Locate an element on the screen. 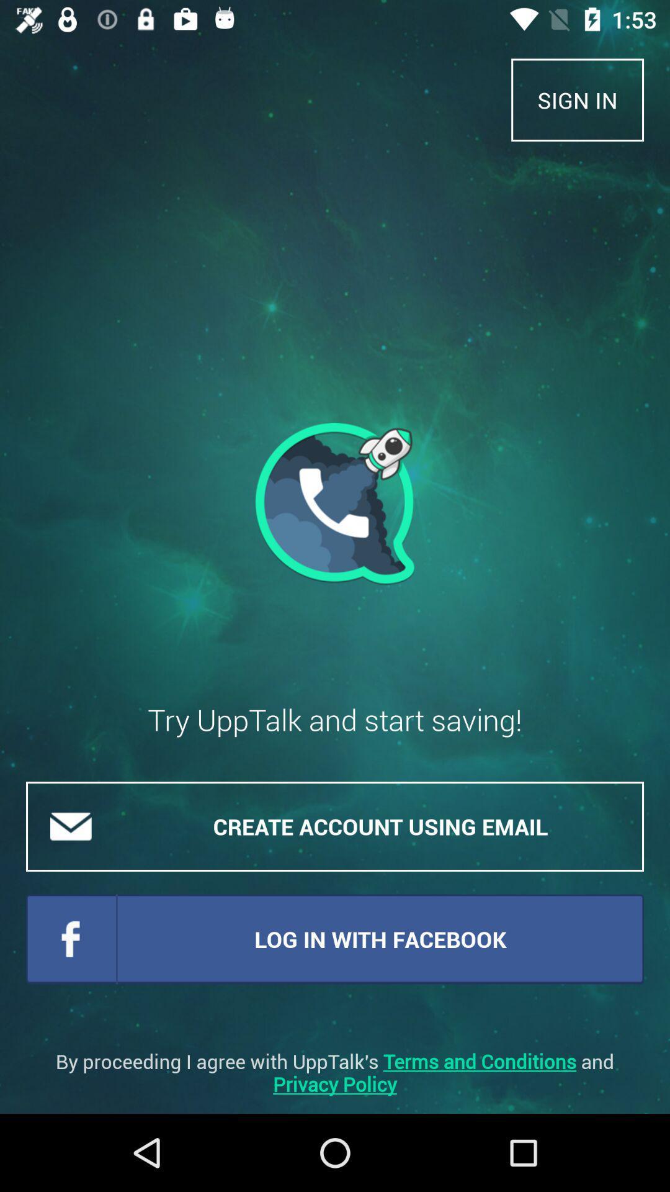 Image resolution: width=670 pixels, height=1192 pixels. item above try upptalk and icon is located at coordinates (335, 504).